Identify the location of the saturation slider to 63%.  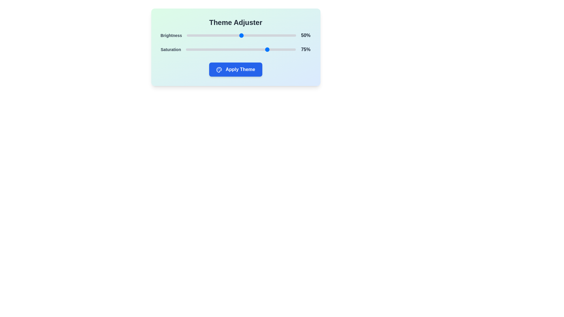
(255, 49).